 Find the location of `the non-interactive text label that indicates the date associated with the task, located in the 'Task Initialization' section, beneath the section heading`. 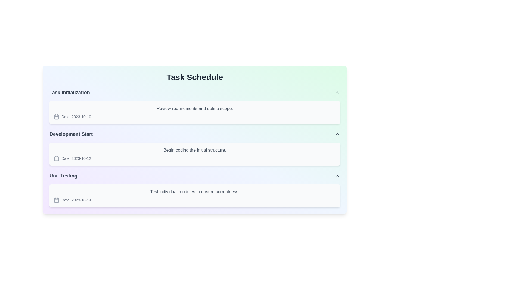

the non-interactive text label that indicates the date associated with the task, located in the 'Task Initialization' section, beneath the section heading is located at coordinates (76, 116).